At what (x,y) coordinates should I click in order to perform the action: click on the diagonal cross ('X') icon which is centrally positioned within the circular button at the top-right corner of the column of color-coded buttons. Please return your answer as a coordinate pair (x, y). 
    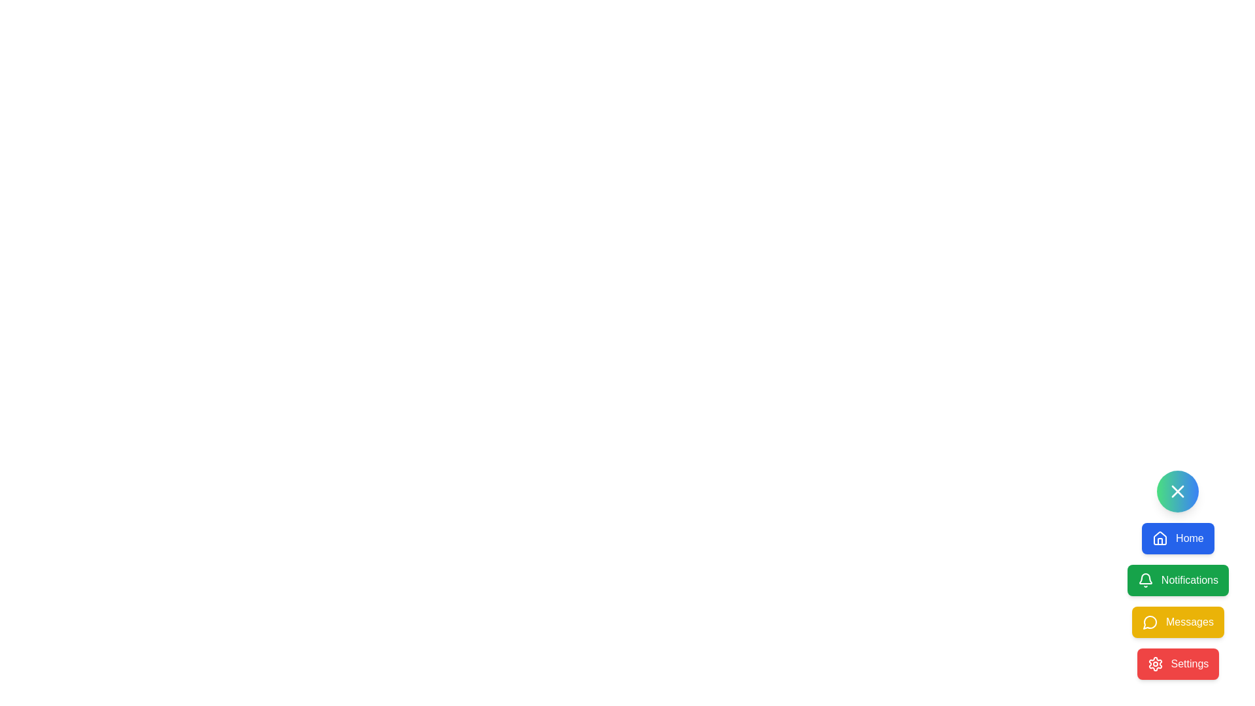
    Looking at the image, I should click on (1178, 492).